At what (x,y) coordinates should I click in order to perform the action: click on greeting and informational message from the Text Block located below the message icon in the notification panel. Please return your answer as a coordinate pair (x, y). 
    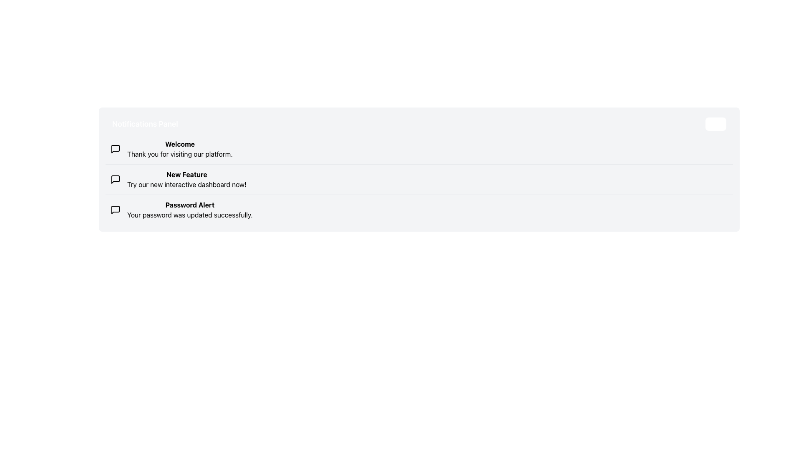
    Looking at the image, I should click on (179, 149).